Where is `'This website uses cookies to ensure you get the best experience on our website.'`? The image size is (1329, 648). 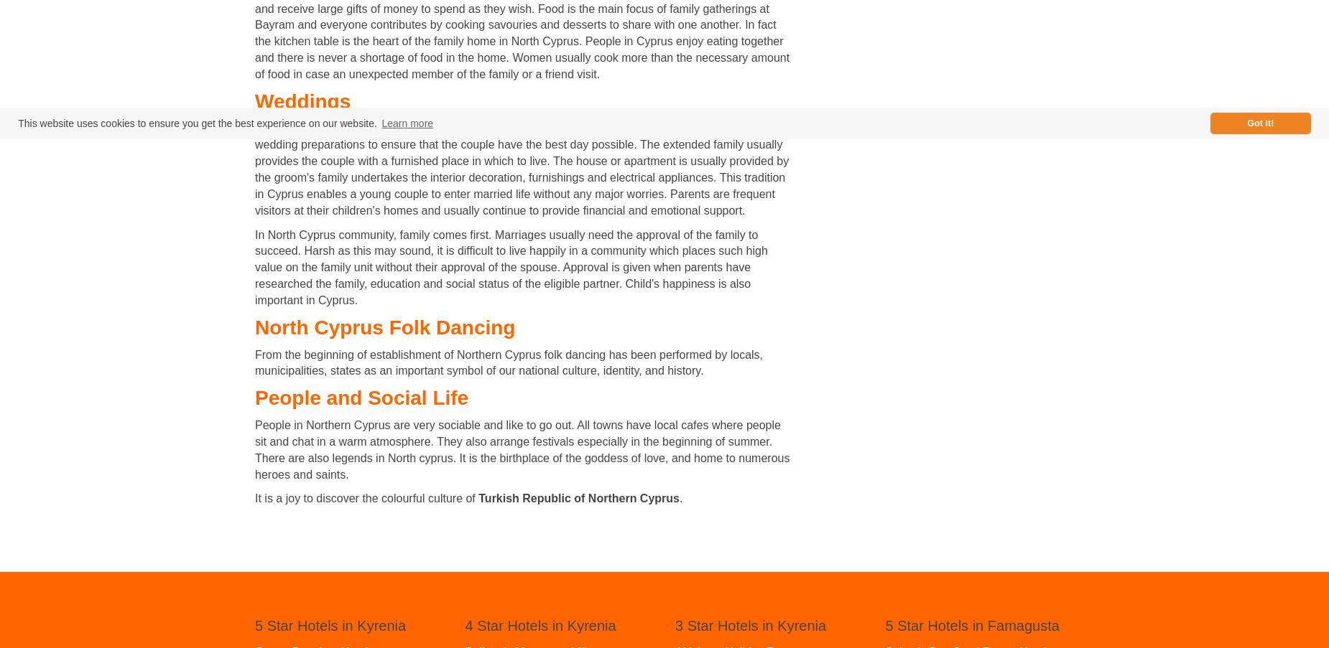 'This website uses cookies to ensure you get the best experience on our website.' is located at coordinates (17, 123).